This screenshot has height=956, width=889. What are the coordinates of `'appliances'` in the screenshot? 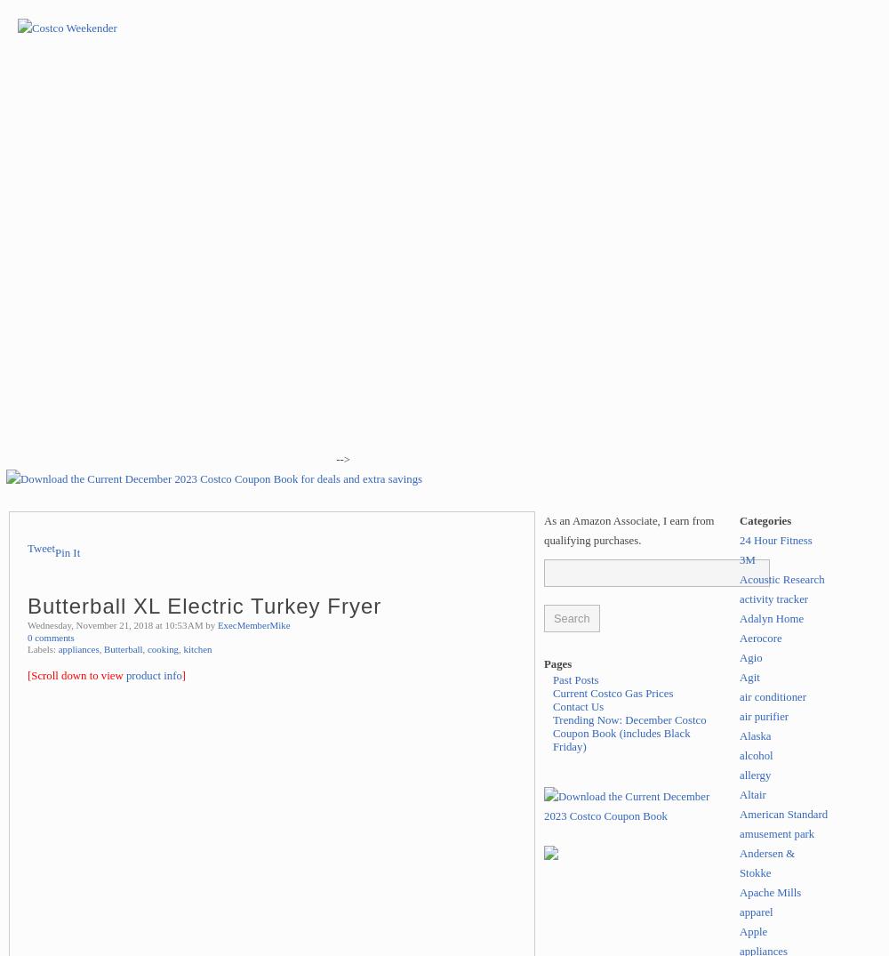 It's located at (77, 648).